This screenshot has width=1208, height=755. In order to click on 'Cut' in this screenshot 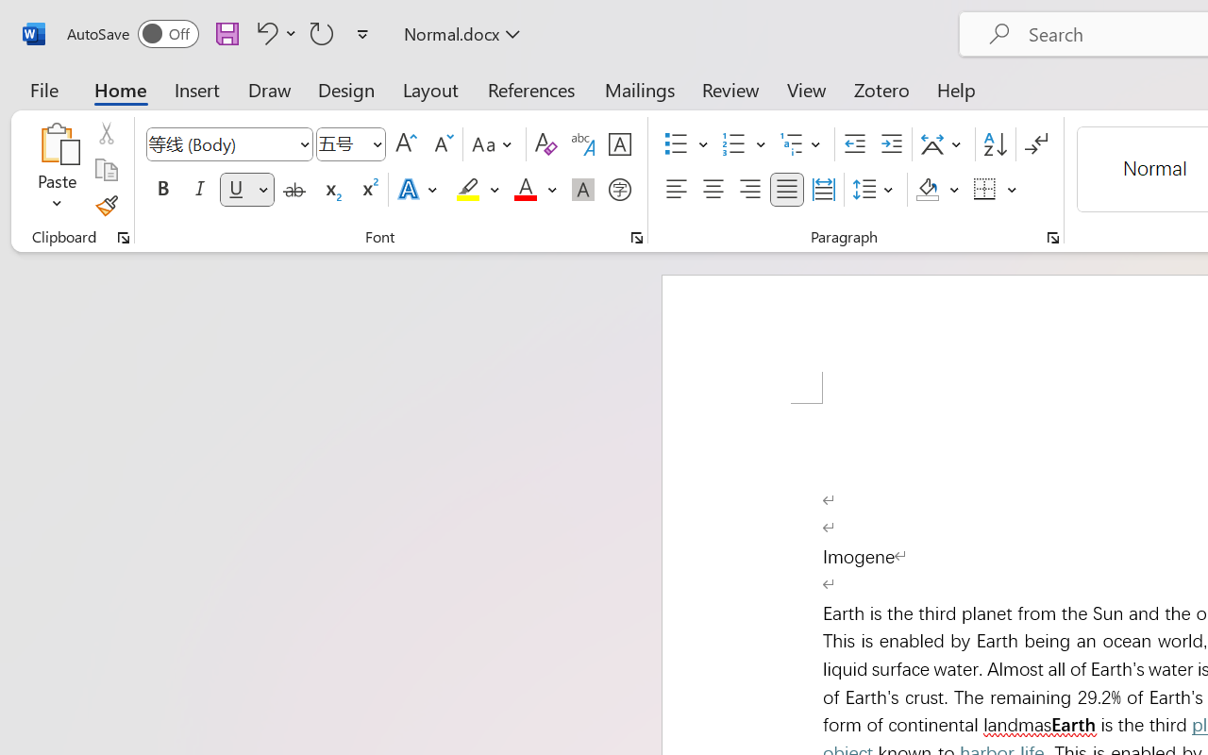, I will do `click(105, 133)`.